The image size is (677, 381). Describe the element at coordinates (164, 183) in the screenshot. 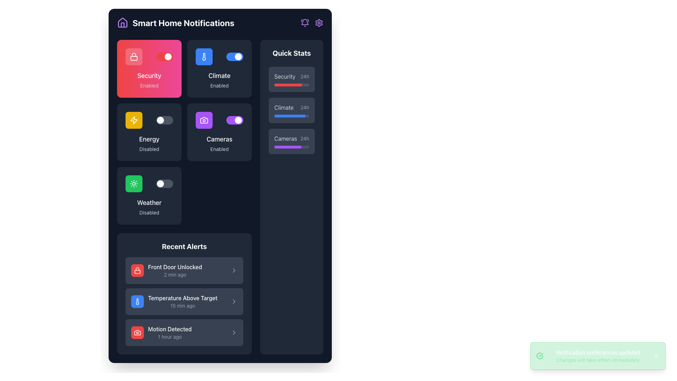

I see `the circular white toggle knob of the toggle switch in the 'Weather' section` at that location.